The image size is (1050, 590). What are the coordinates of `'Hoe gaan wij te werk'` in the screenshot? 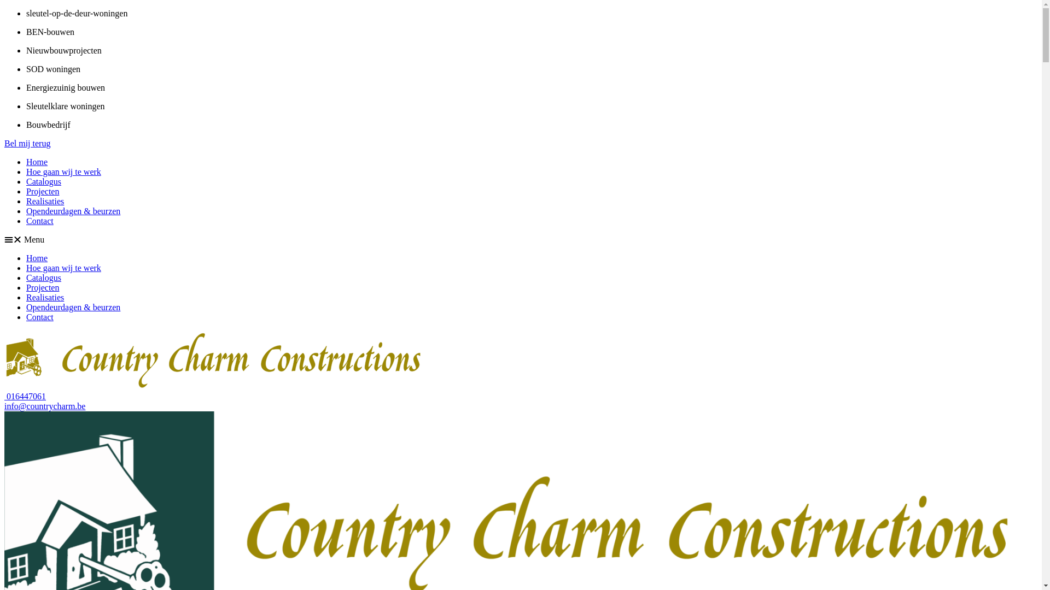 It's located at (63, 268).